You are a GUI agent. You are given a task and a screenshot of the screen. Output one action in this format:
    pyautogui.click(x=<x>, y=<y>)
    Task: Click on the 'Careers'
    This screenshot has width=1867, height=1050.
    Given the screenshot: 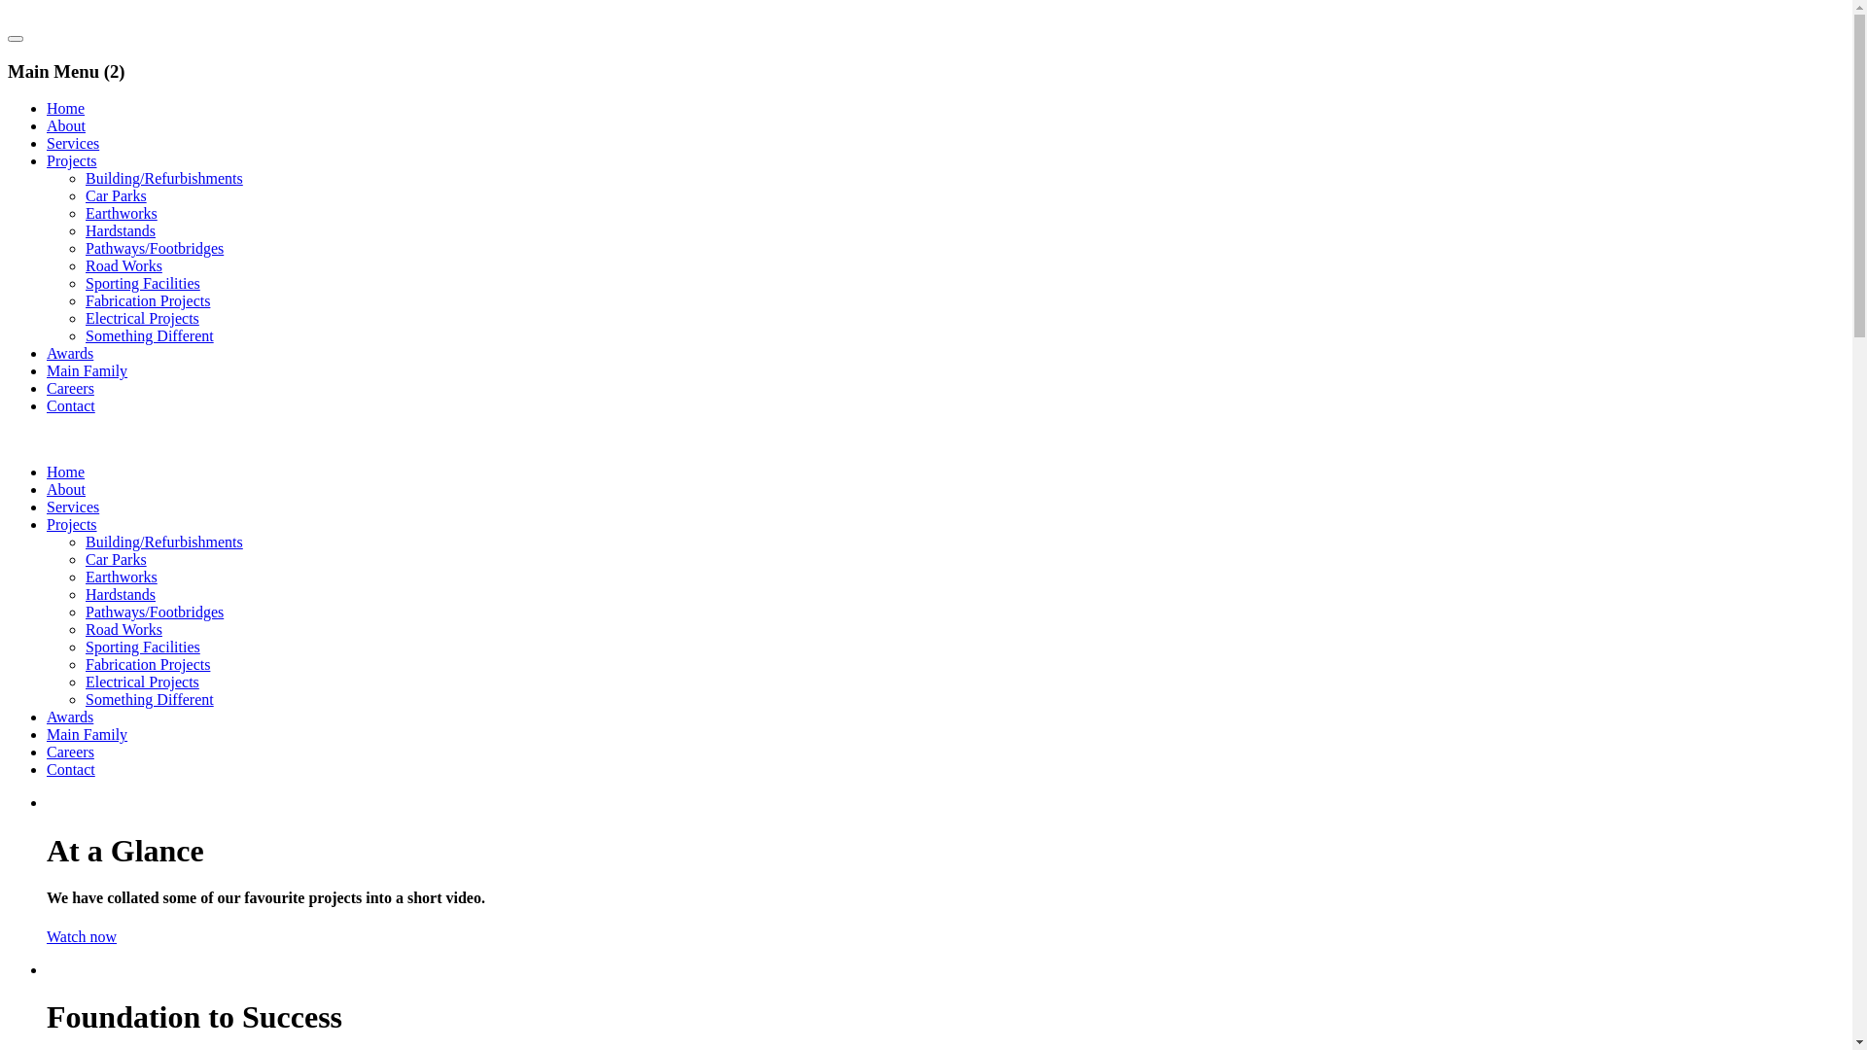 What is the action you would take?
    pyautogui.click(x=70, y=751)
    